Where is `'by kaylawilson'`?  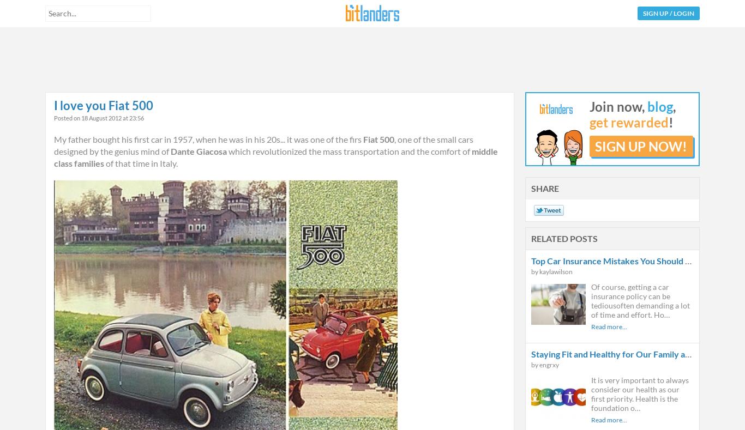 'by kaylawilson' is located at coordinates (551, 271).